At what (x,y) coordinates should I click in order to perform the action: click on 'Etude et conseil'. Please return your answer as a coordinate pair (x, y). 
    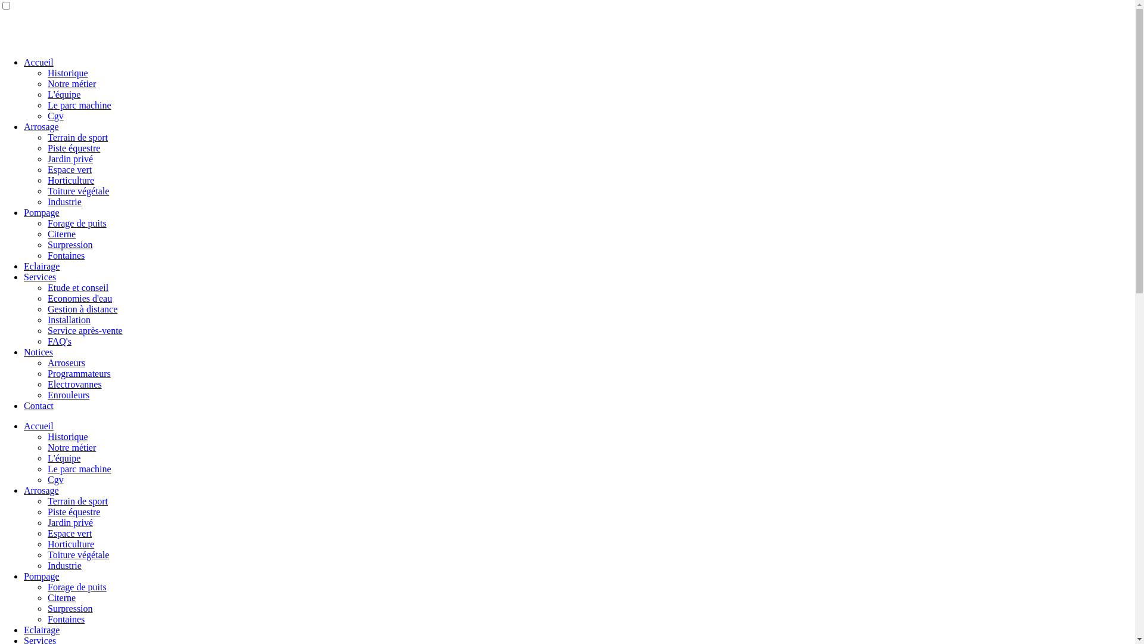
    Looking at the image, I should click on (48, 287).